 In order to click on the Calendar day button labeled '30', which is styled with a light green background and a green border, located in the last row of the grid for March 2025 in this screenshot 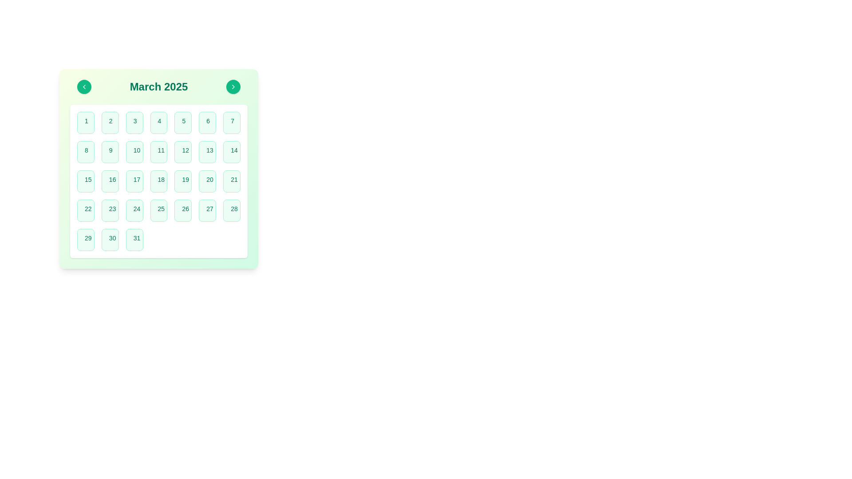, I will do `click(110, 239)`.